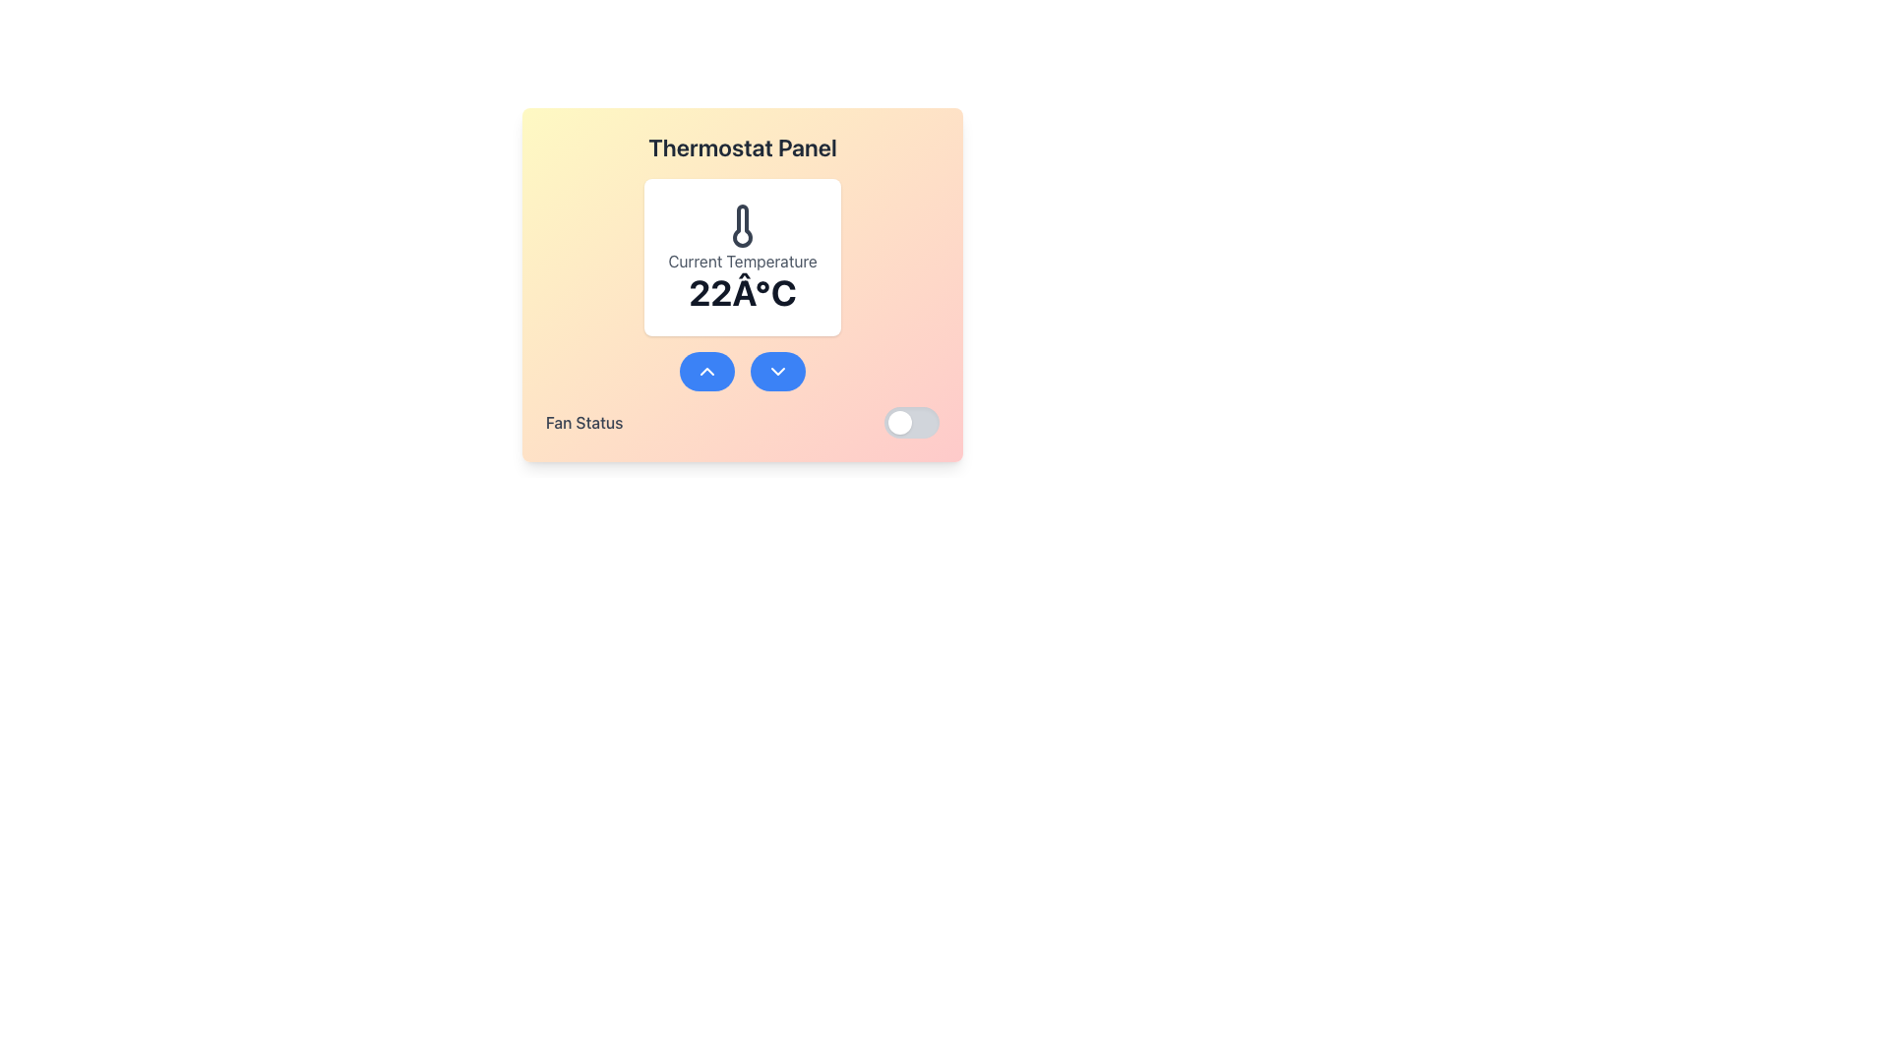 The image size is (1889, 1062). Describe the element at coordinates (707, 372) in the screenshot. I see `the blue circular button with a white upward-pointing arrow located below the current temperature display in the thermostat panel` at that location.